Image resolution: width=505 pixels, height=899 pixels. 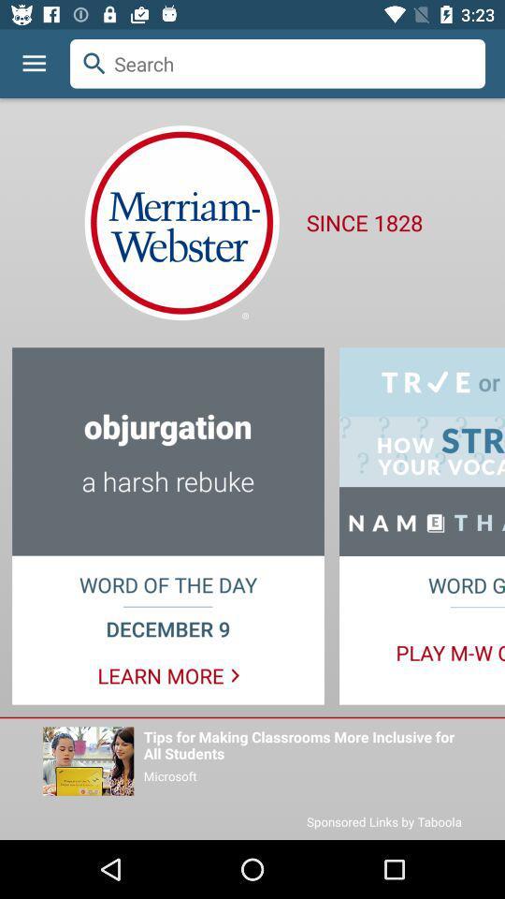 What do you see at coordinates (181, 222) in the screenshot?
I see `the logo below the search bar on the web page` at bounding box center [181, 222].